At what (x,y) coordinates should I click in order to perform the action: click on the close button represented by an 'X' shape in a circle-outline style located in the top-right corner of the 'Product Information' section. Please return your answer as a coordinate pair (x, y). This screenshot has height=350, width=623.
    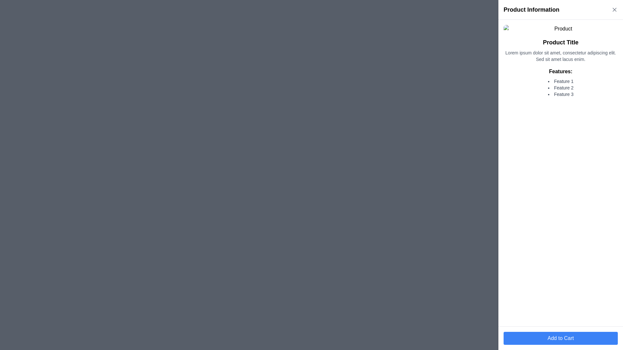
    Looking at the image, I should click on (614, 10).